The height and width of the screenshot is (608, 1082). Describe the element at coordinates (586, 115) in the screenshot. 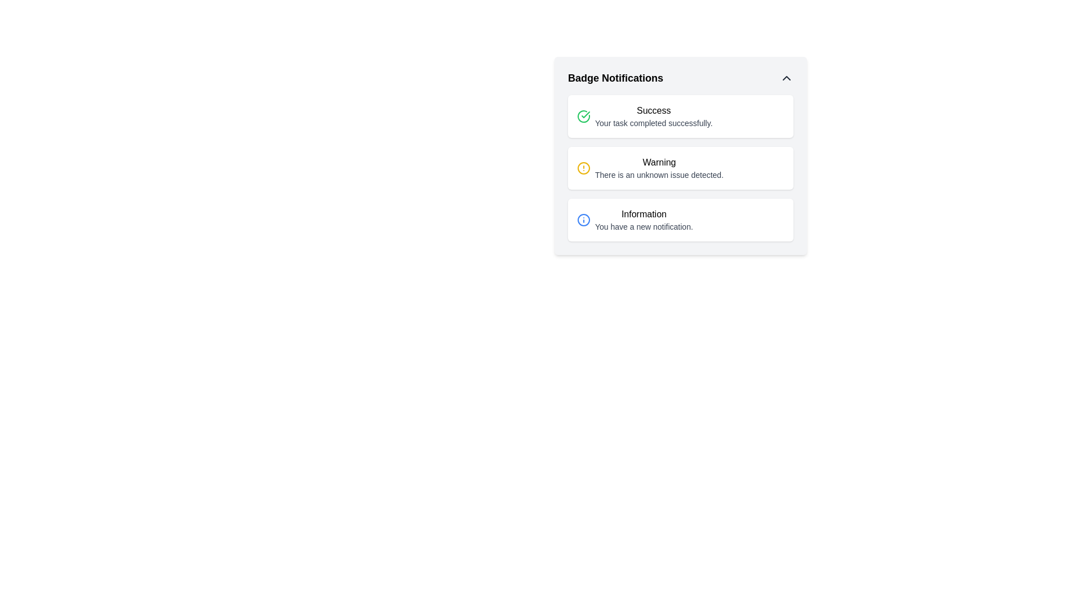

I see `the green checkmark icon representing a success notification in the Badge Notifications panel` at that location.